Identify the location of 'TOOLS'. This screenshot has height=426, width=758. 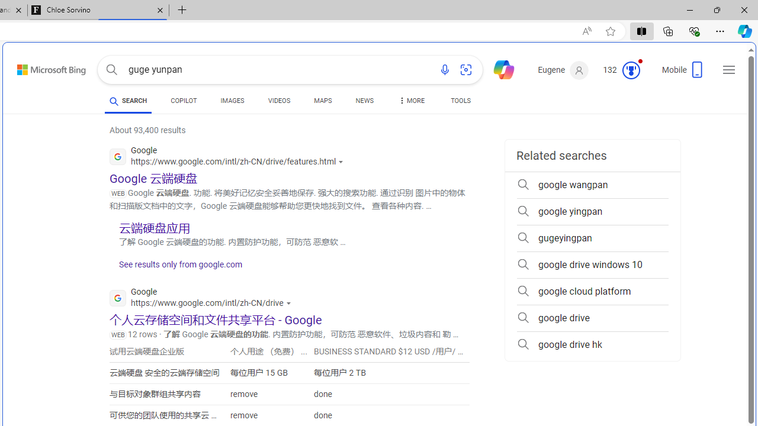
(460, 102).